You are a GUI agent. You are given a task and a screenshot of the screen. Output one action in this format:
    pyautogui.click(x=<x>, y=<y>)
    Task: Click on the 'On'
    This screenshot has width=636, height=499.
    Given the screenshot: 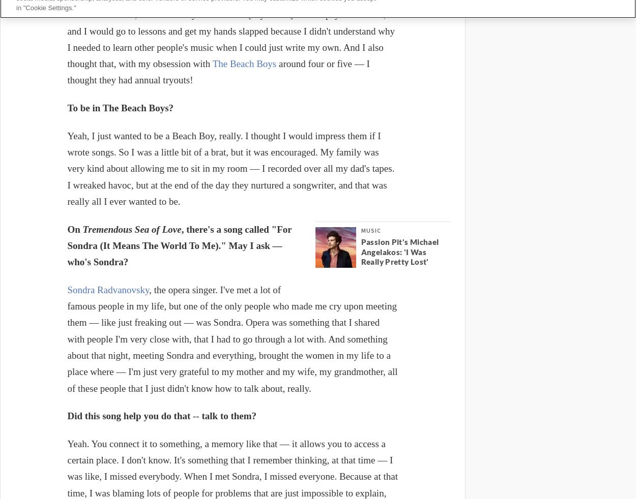 What is the action you would take?
    pyautogui.click(x=75, y=229)
    